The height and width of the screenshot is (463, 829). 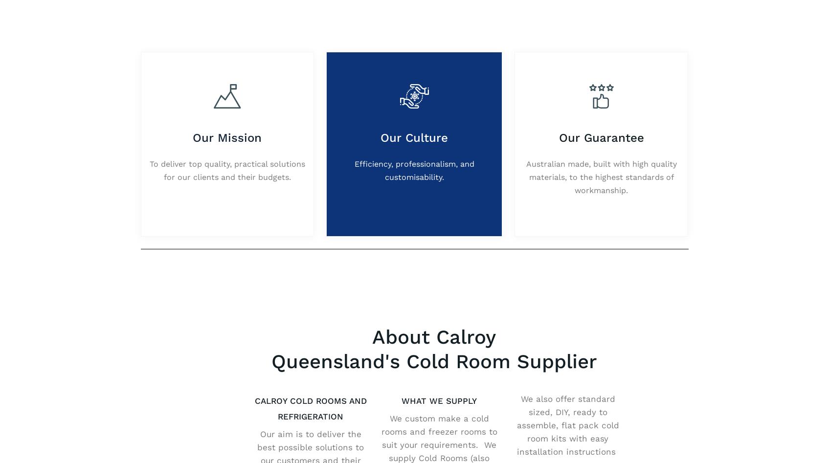 What do you see at coordinates (402, 8) in the screenshot?
I see `'About'` at bounding box center [402, 8].